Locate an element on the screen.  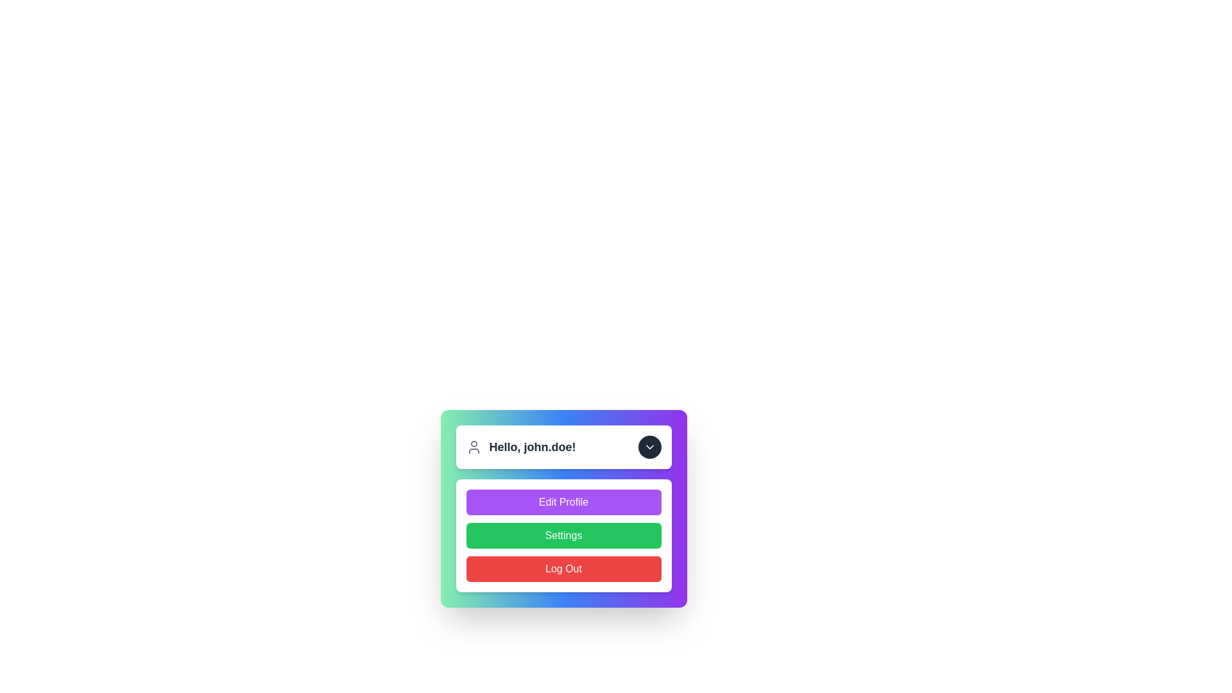
the profile edit button located directly below the greeting text 'Hello, john.doe!' is located at coordinates (563, 508).